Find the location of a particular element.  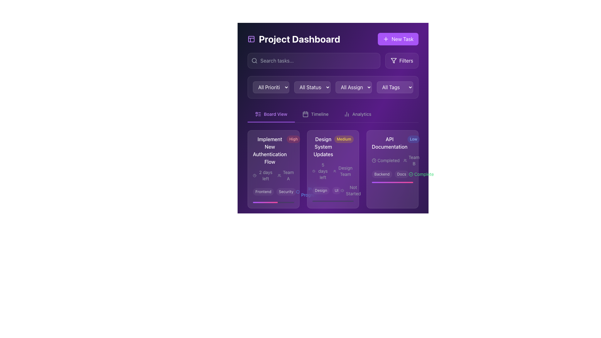

the dropdown menu labeled 'All Assignees' is located at coordinates (353, 87).